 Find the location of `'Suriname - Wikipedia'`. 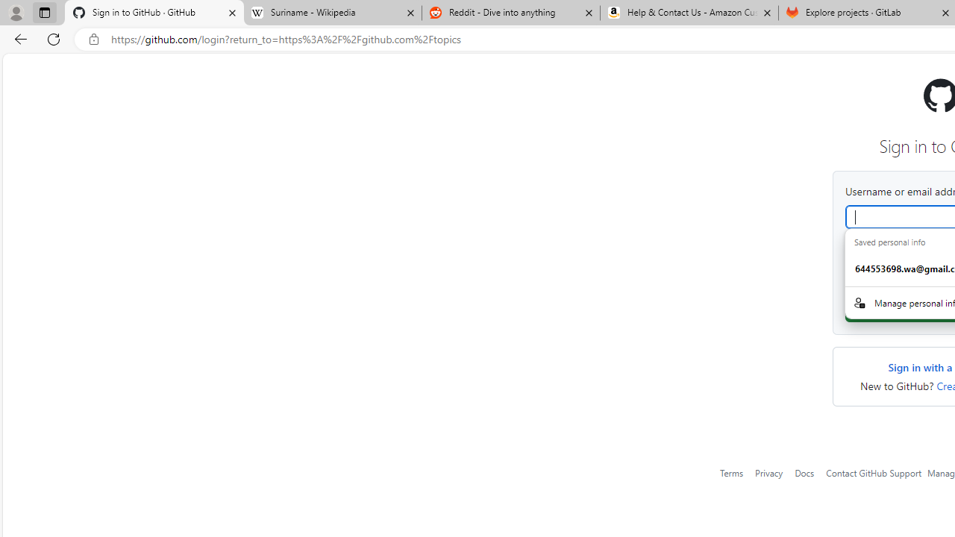

'Suriname - Wikipedia' is located at coordinates (331, 13).